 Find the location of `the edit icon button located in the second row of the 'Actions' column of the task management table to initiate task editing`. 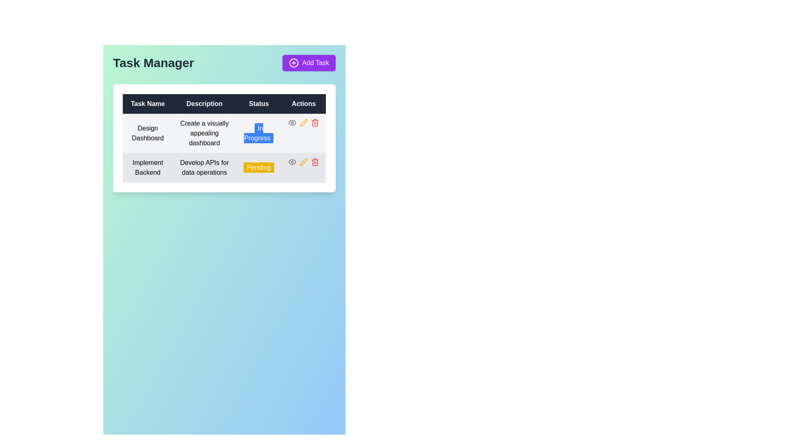

the edit icon button located in the second row of the 'Actions' column of the task management table to initiate task editing is located at coordinates (303, 123).